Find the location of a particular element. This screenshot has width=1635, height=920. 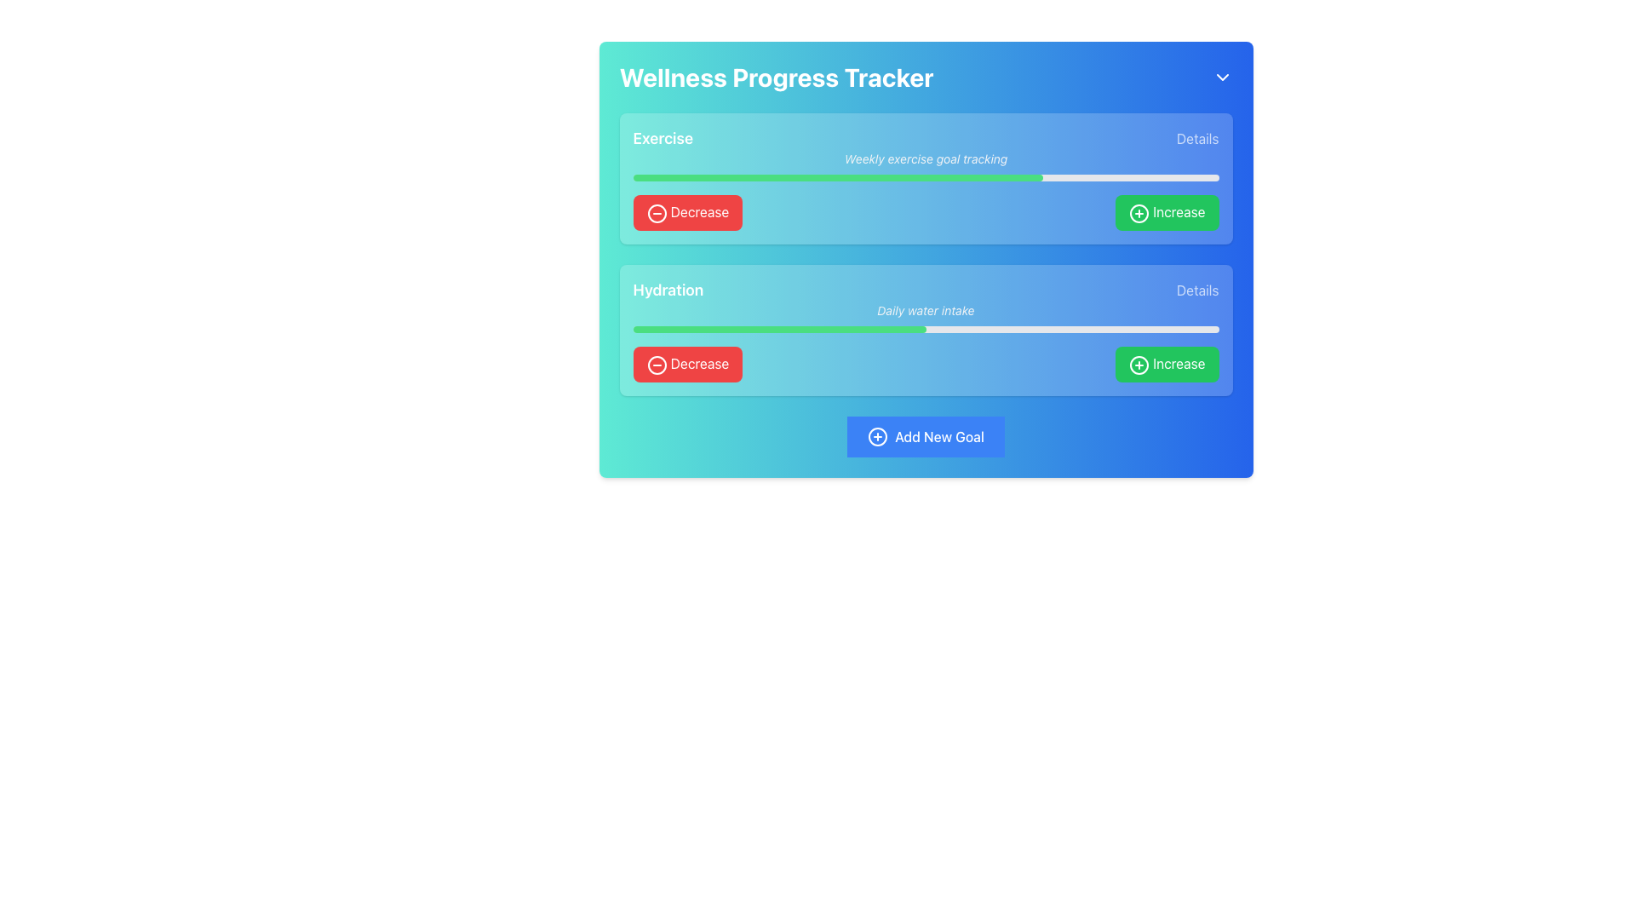

the Progress bar that visually represents the user's hydration progress, located in the 'Hydration' section of the second progress tracker is located at coordinates (778, 329).